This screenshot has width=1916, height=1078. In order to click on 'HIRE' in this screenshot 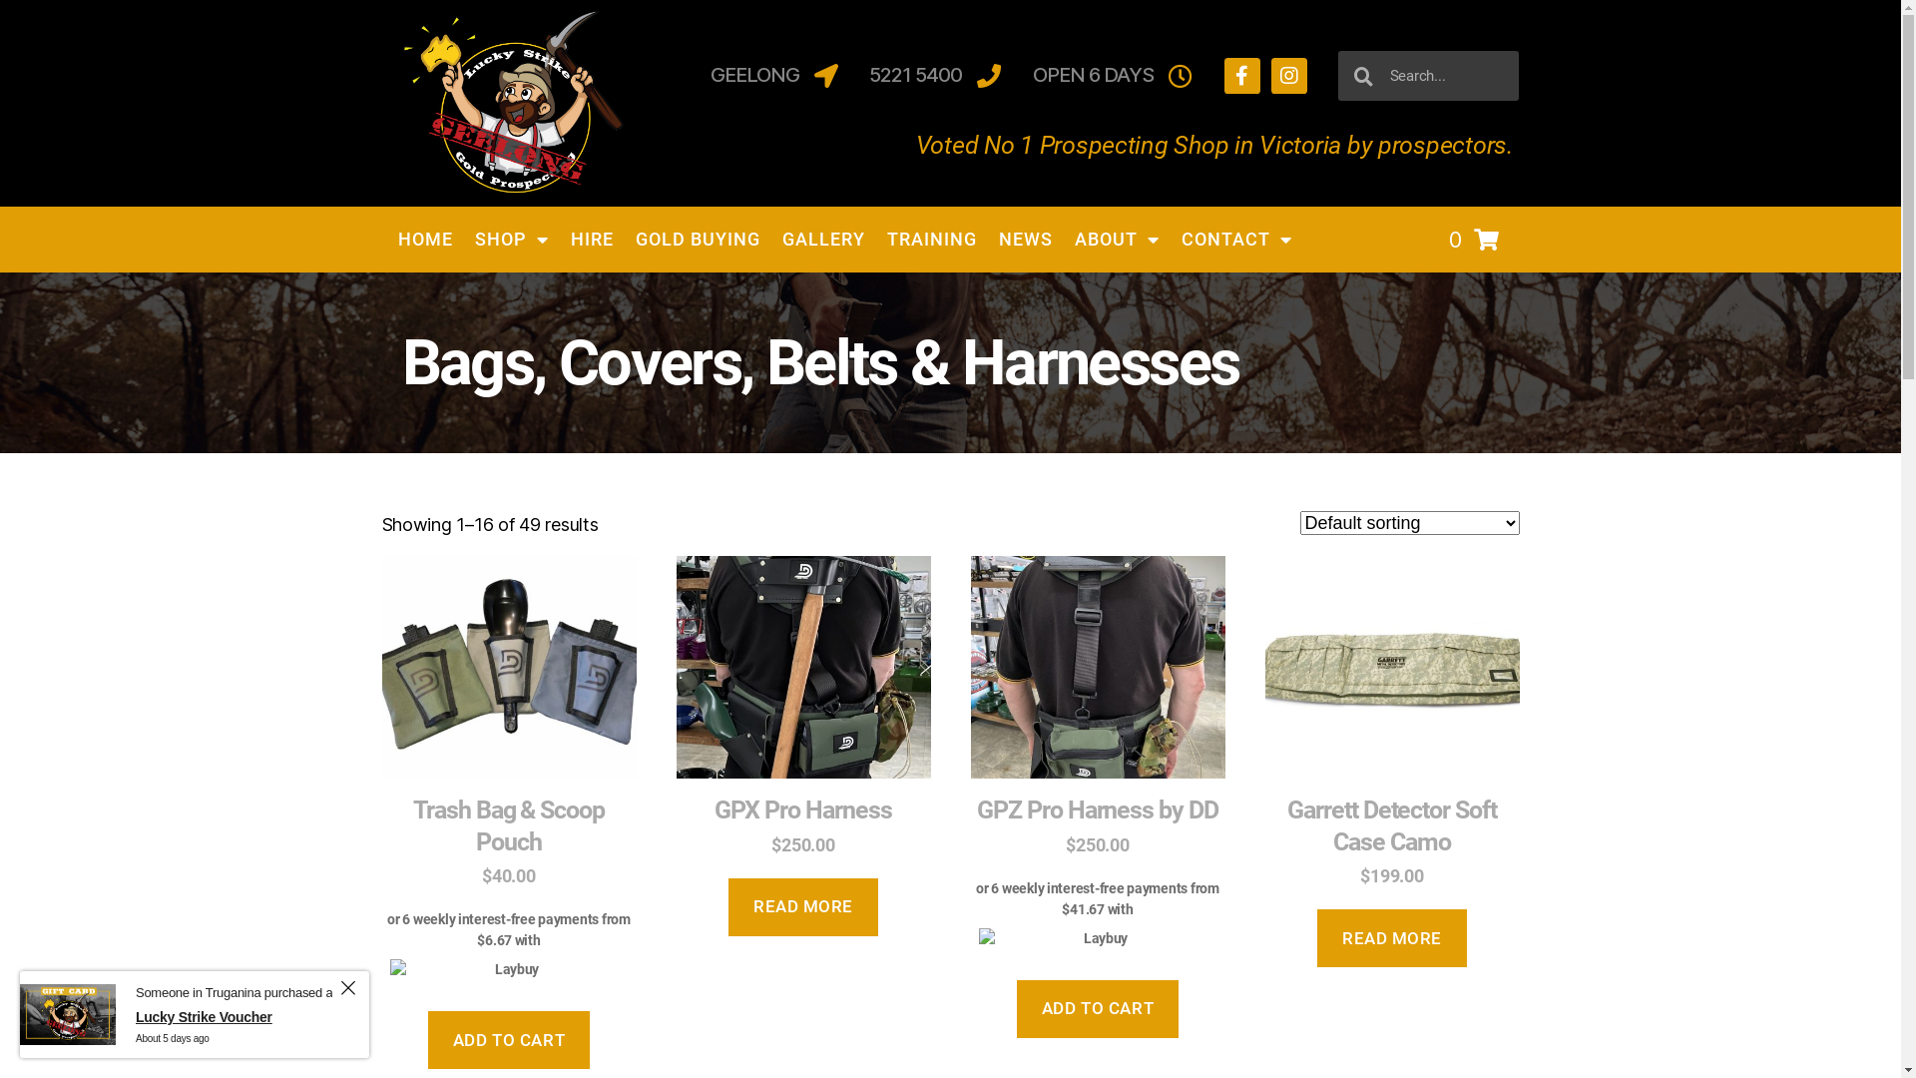, I will do `click(590, 238)`.